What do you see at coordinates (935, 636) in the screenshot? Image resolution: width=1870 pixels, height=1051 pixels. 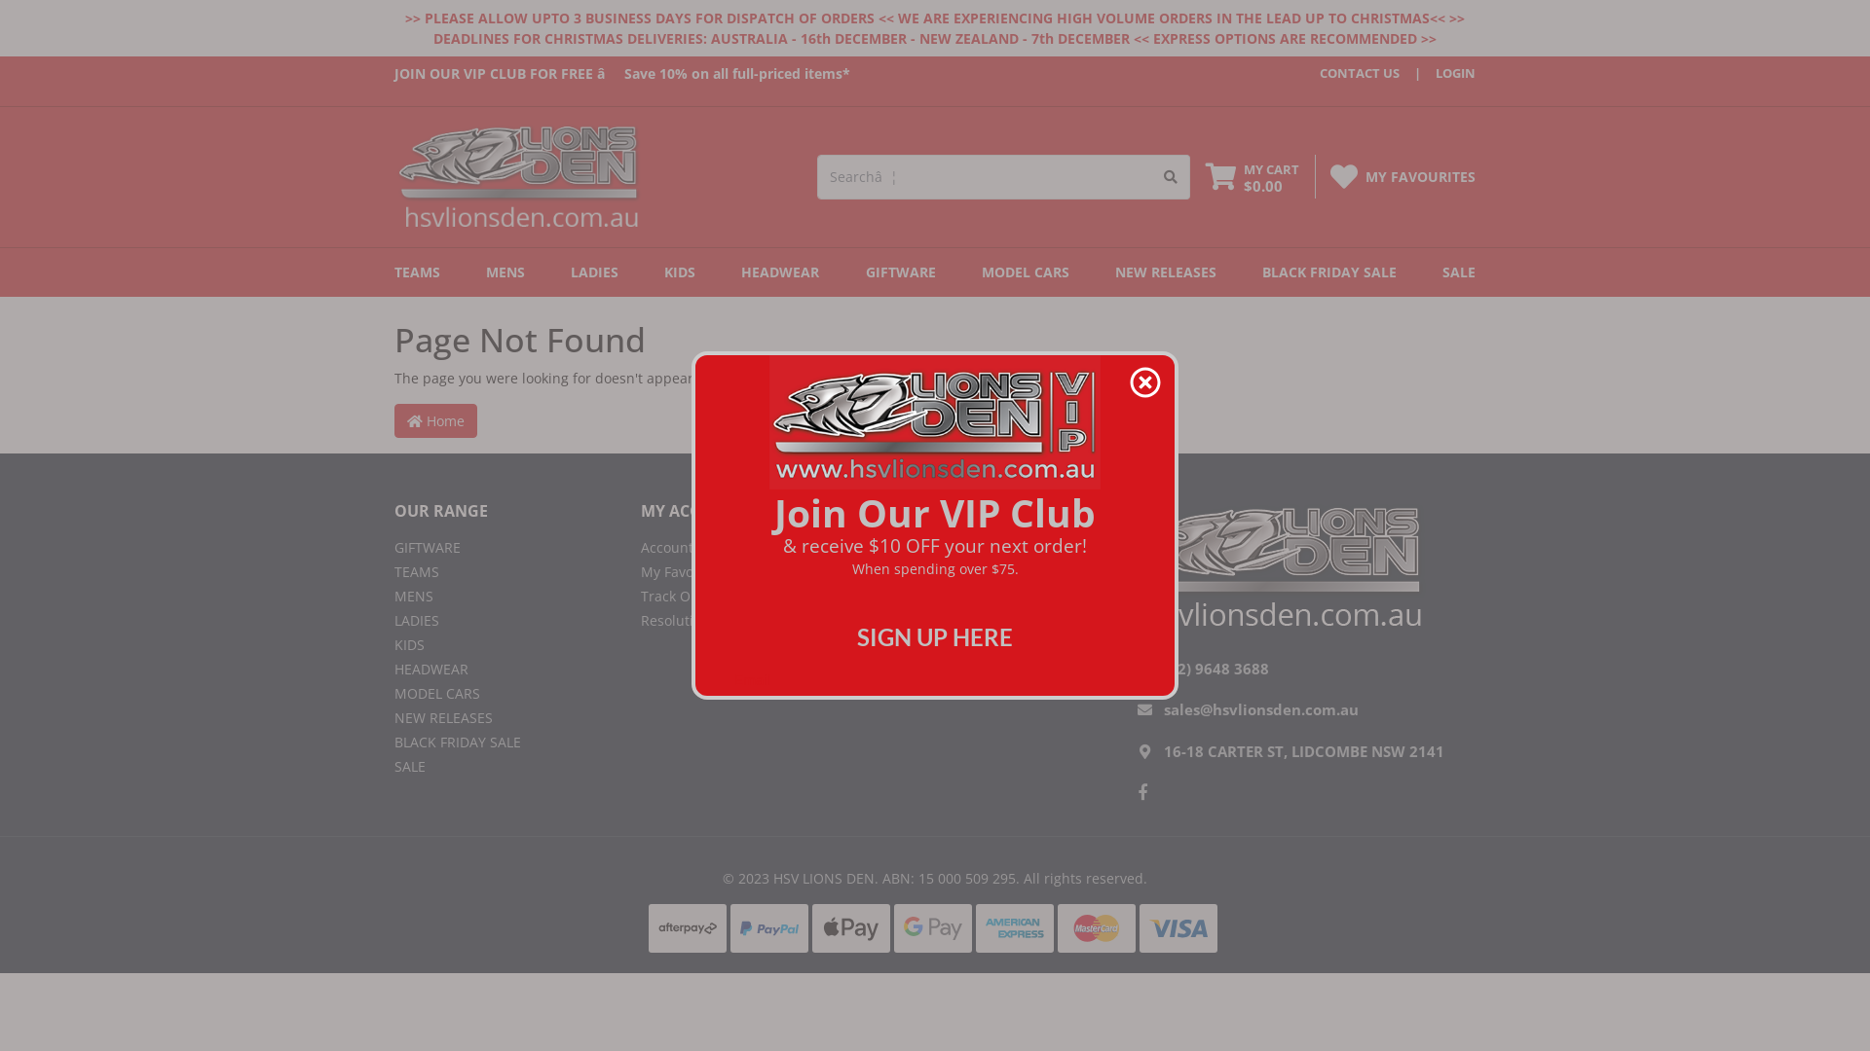 I see `'SIGN UP HERE'` at bounding box center [935, 636].